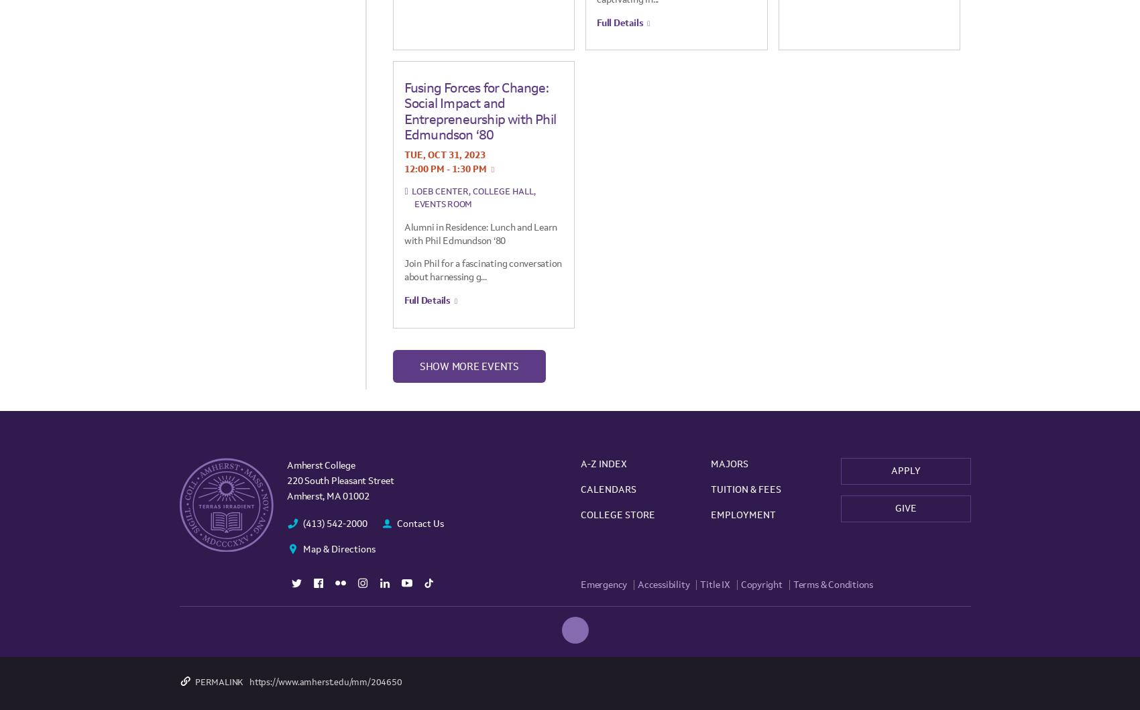 This screenshot has width=1140, height=710. I want to click on 'Terms & Conditions', so click(832, 584).